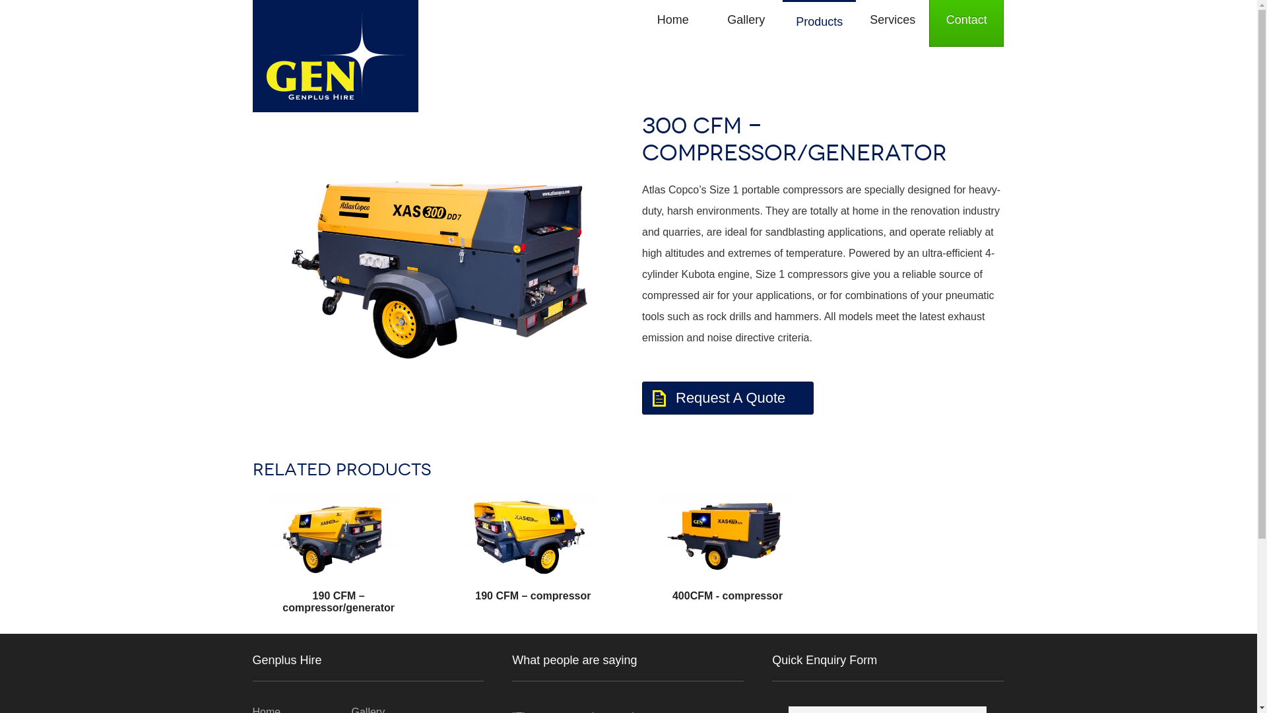 This screenshot has width=1267, height=713. What do you see at coordinates (727, 397) in the screenshot?
I see `'Request A Quote'` at bounding box center [727, 397].